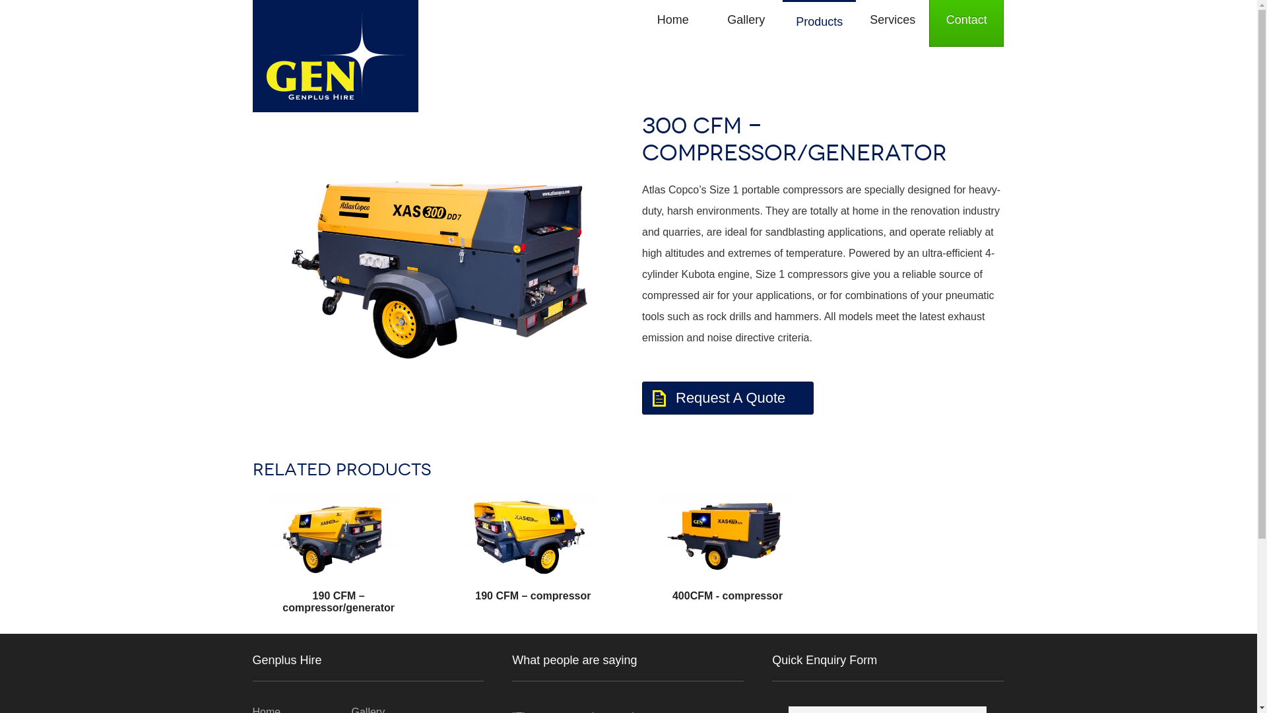 This screenshot has width=1267, height=713. What do you see at coordinates (727, 397) in the screenshot?
I see `'Request A Quote'` at bounding box center [727, 397].